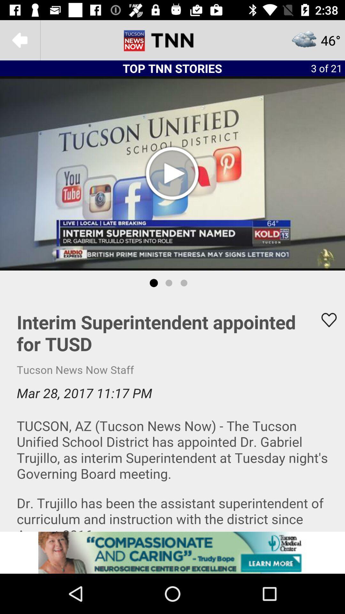 This screenshot has width=345, height=614. Describe the element at coordinates (325, 320) in the screenshot. I see `like button` at that location.